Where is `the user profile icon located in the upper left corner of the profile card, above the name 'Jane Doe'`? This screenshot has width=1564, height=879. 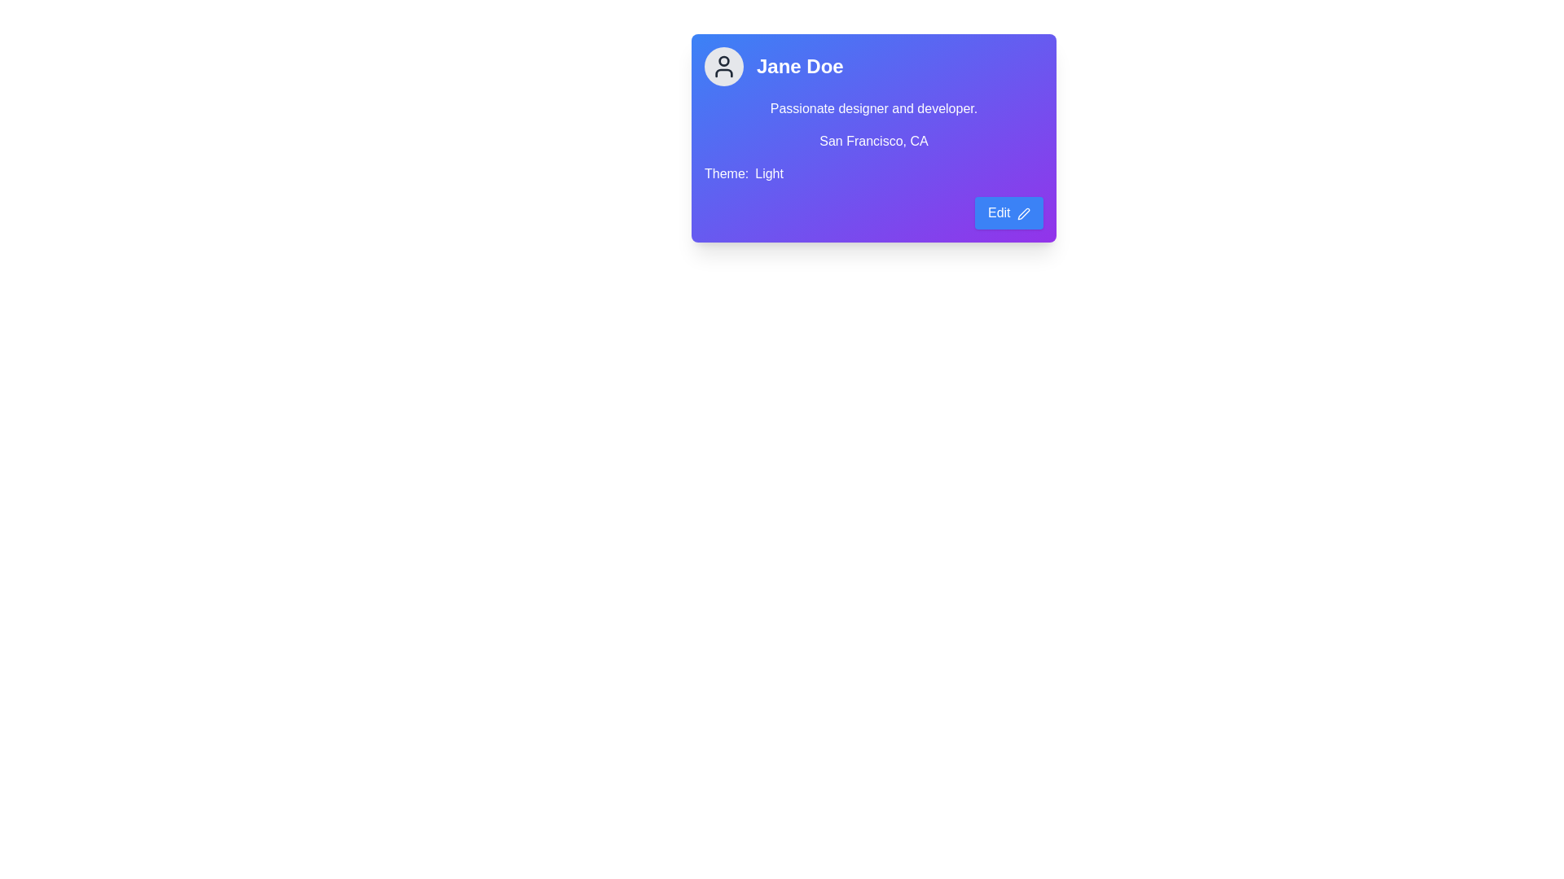 the user profile icon located in the upper left corner of the profile card, above the name 'Jane Doe' is located at coordinates (723, 65).